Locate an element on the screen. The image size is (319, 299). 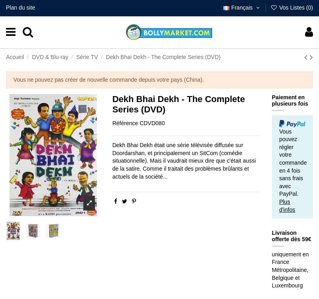
'Nombre de disques' is located at coordinates (32, 46).